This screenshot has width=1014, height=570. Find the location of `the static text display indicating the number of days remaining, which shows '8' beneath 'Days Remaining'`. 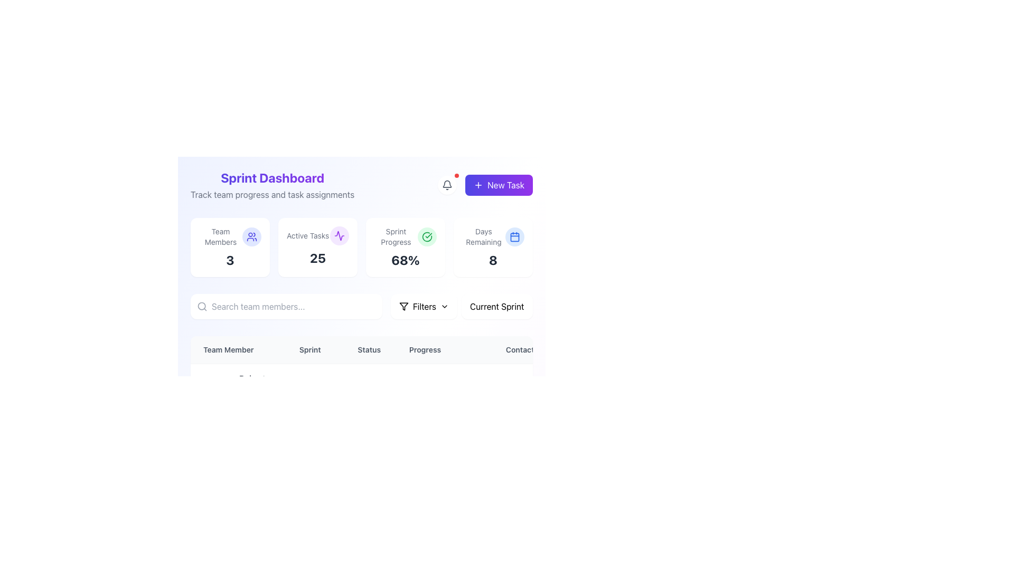

the static text display indicating the number of days remaining, which shows '8' beneath 'Days Remaining' is located at coordinates (493, 260).